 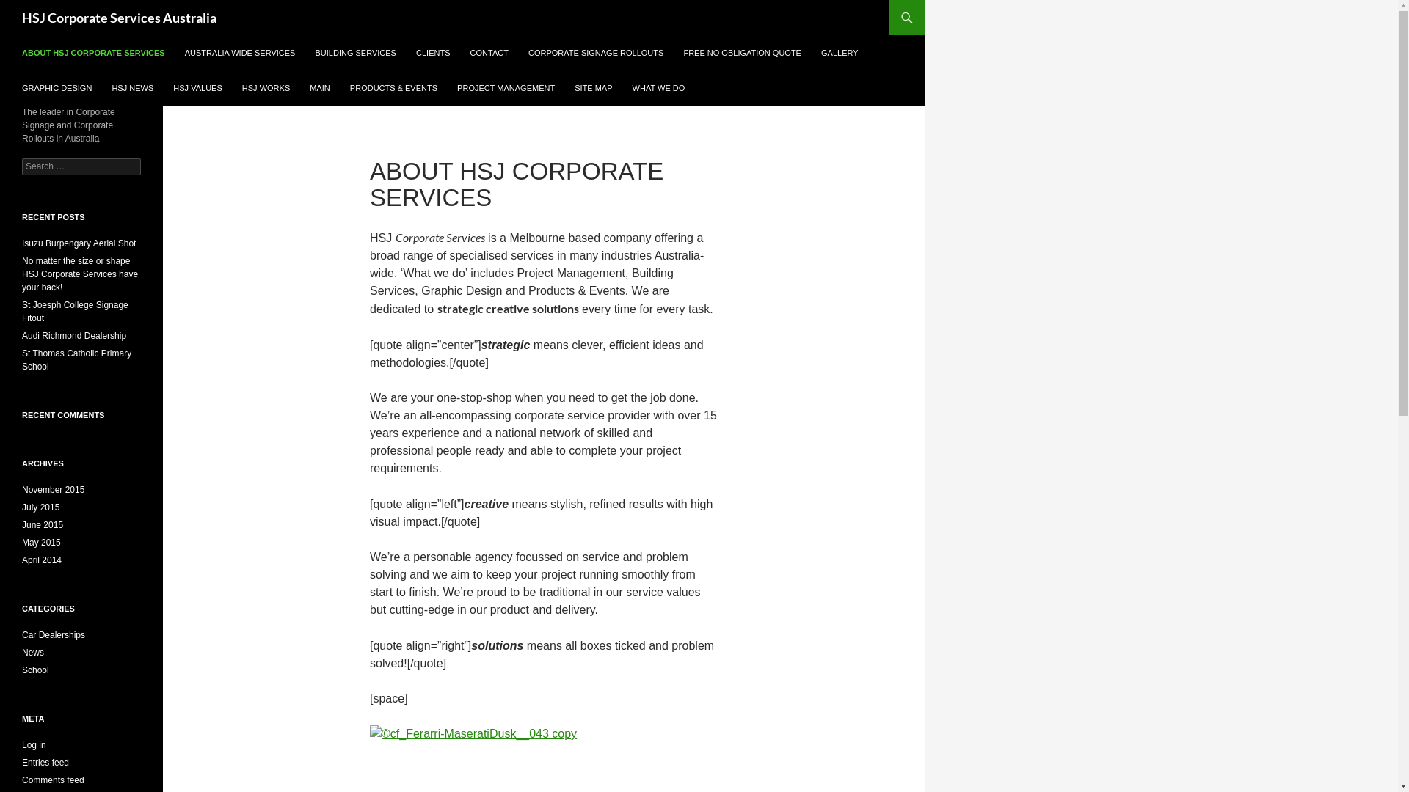 What do you see at coordinates (32, 652) in the screenshot?
I see `'News'` at bounding box center [32, 652].